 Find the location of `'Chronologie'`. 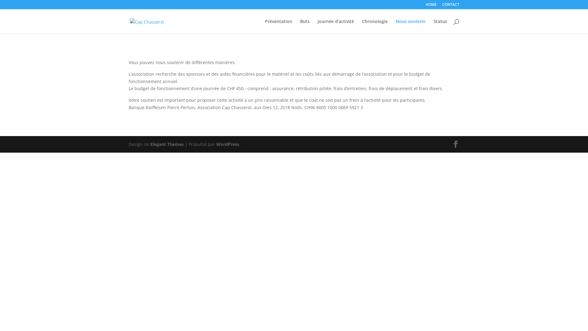

'Chronologie' is located at coordinates (375, 26).